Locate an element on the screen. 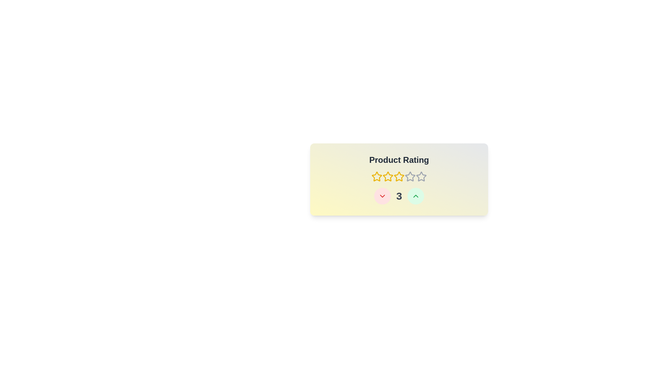 The width and height of the screenshot is (667, 375). the fifth star-shaped icon in a row of five stars located below the 'Product Rating' header to rate it is located at coordinates (421, 176).